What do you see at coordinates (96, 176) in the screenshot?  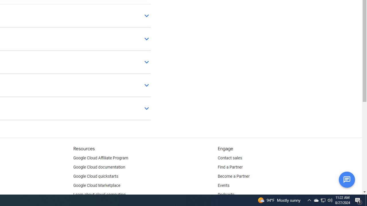 I see `'Google Cloud quickstarts'` at bounding box center [96, 176].